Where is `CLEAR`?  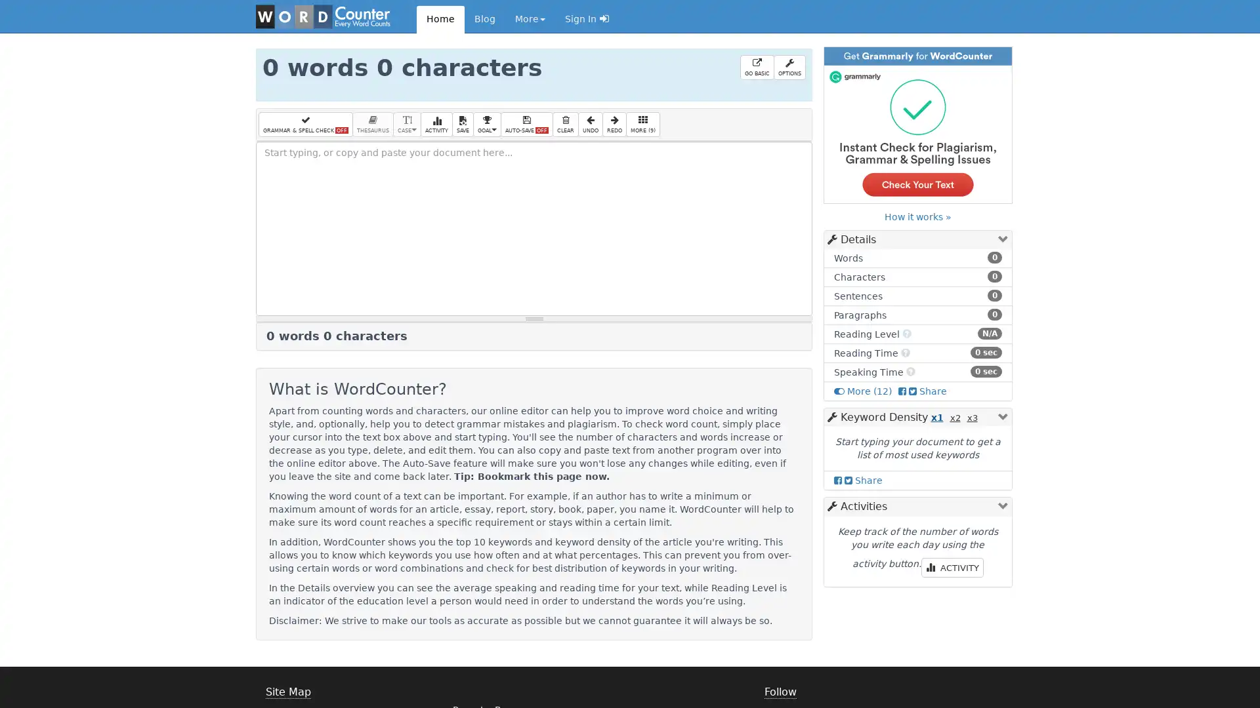
CLEAR is located at coordinates (566, 124).